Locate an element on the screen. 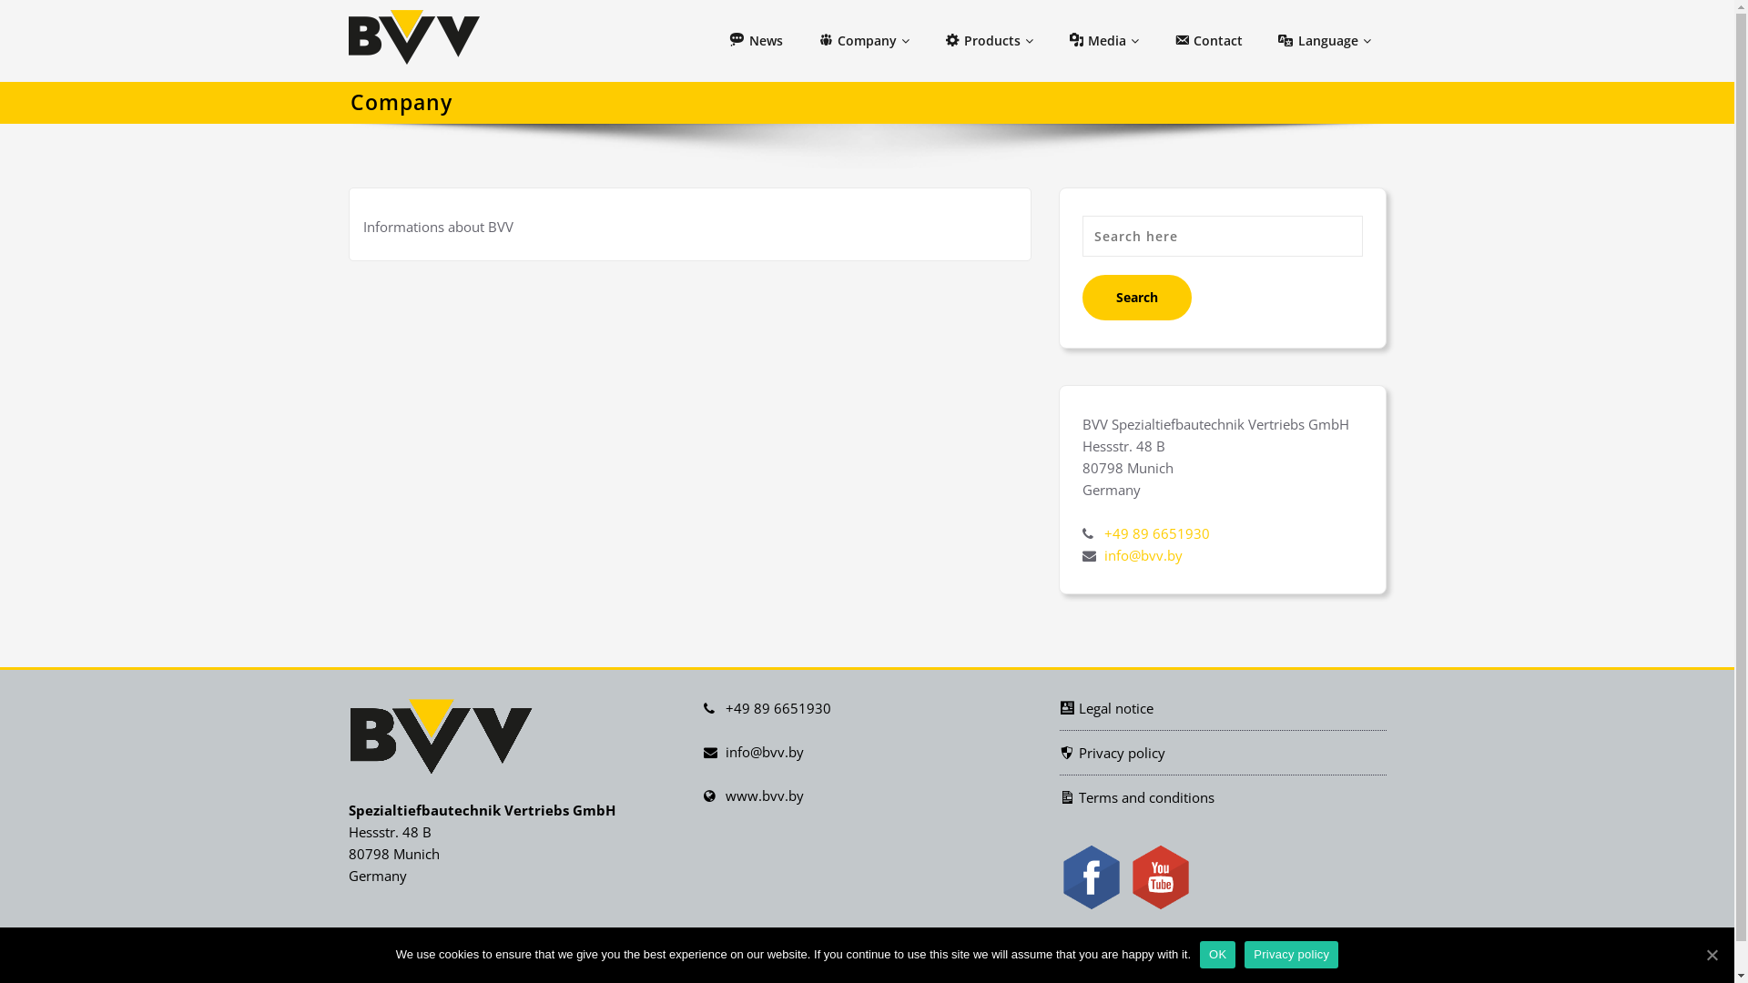  'News' is located at coordinates (707, 41).